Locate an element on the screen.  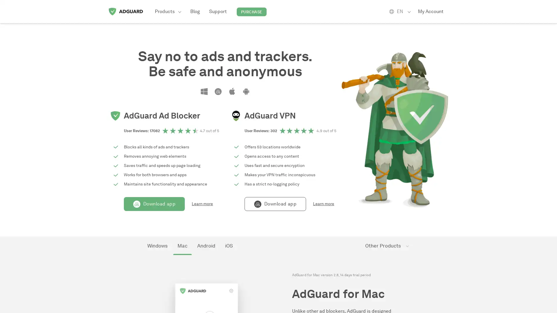
Android is located at coordinates (206, 246).